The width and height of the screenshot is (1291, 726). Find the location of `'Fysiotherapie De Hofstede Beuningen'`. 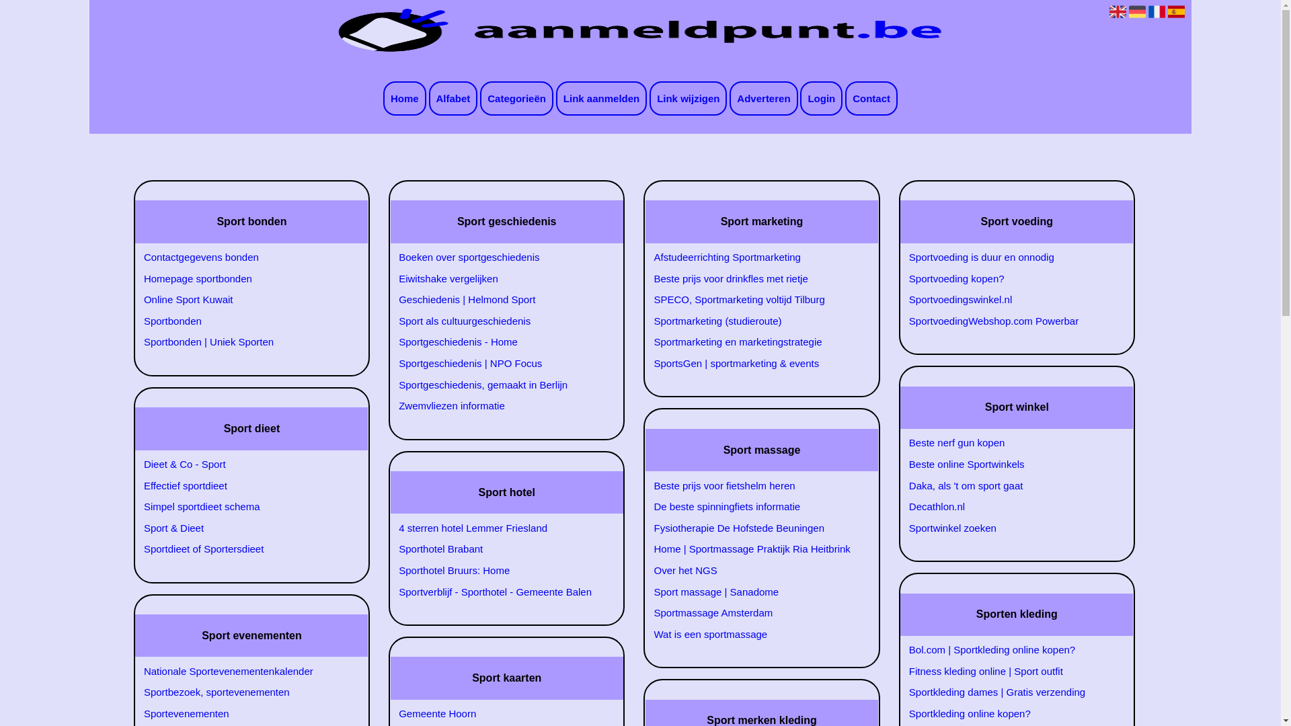

'Fysiotherapie De Hofstede Beuningen' is located at coordinates (754, 528).